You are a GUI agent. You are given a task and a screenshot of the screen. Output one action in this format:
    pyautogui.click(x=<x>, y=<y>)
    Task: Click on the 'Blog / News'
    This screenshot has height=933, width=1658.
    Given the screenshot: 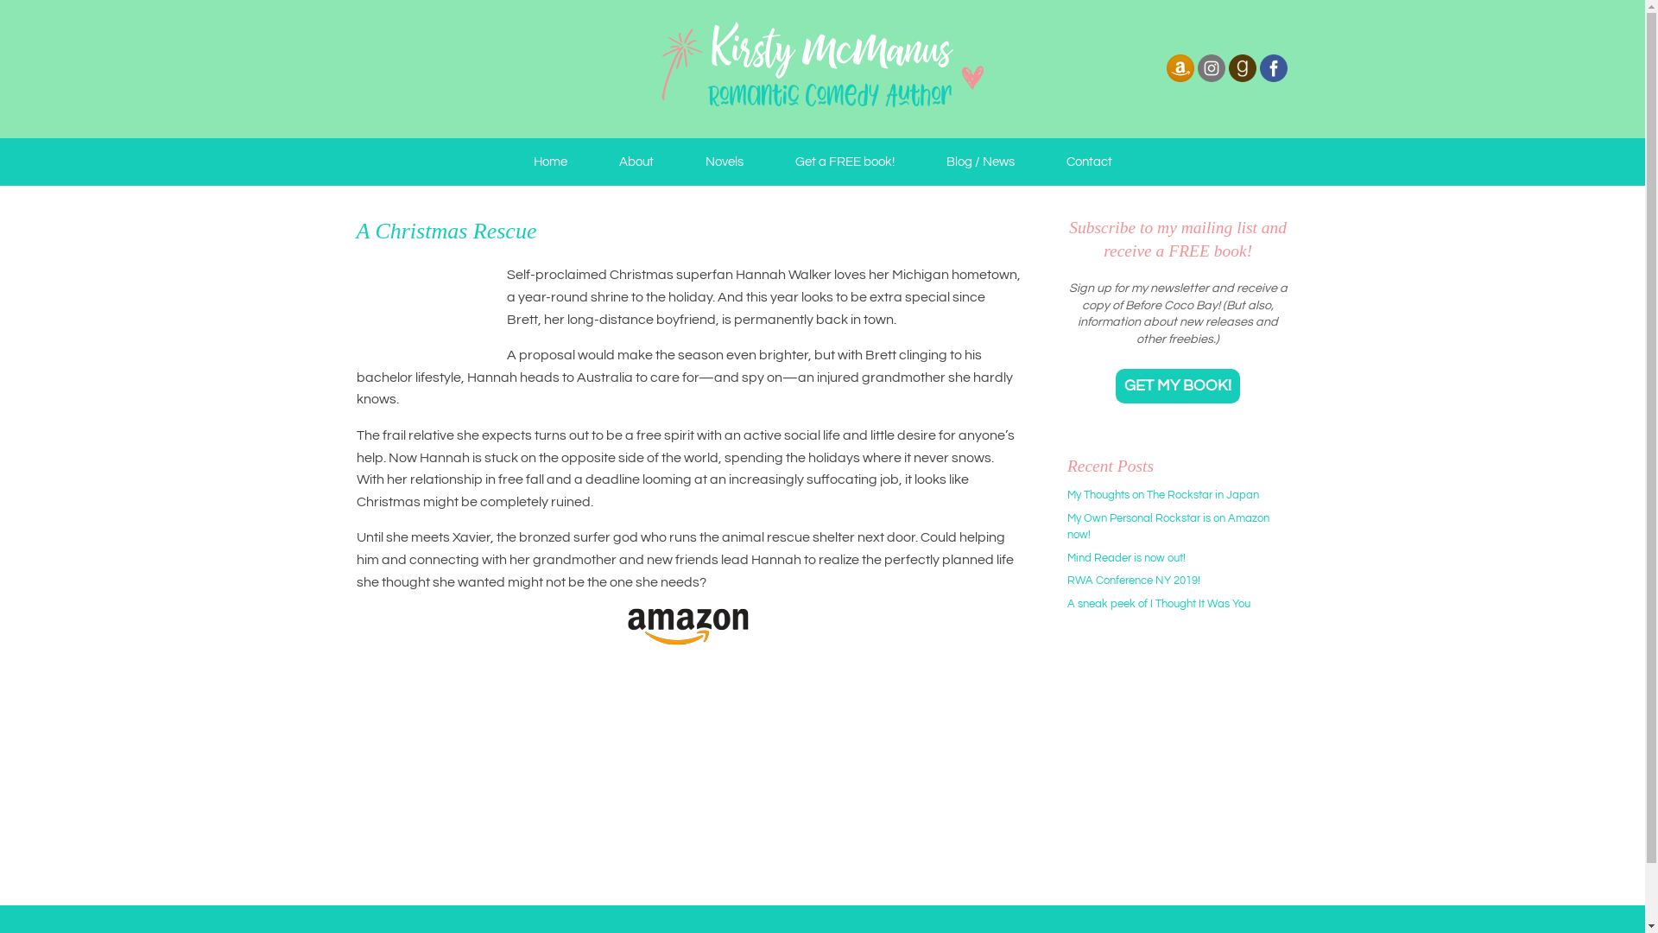 What is the action you would take?
    pyautogui.click(x=980, y=162)
    